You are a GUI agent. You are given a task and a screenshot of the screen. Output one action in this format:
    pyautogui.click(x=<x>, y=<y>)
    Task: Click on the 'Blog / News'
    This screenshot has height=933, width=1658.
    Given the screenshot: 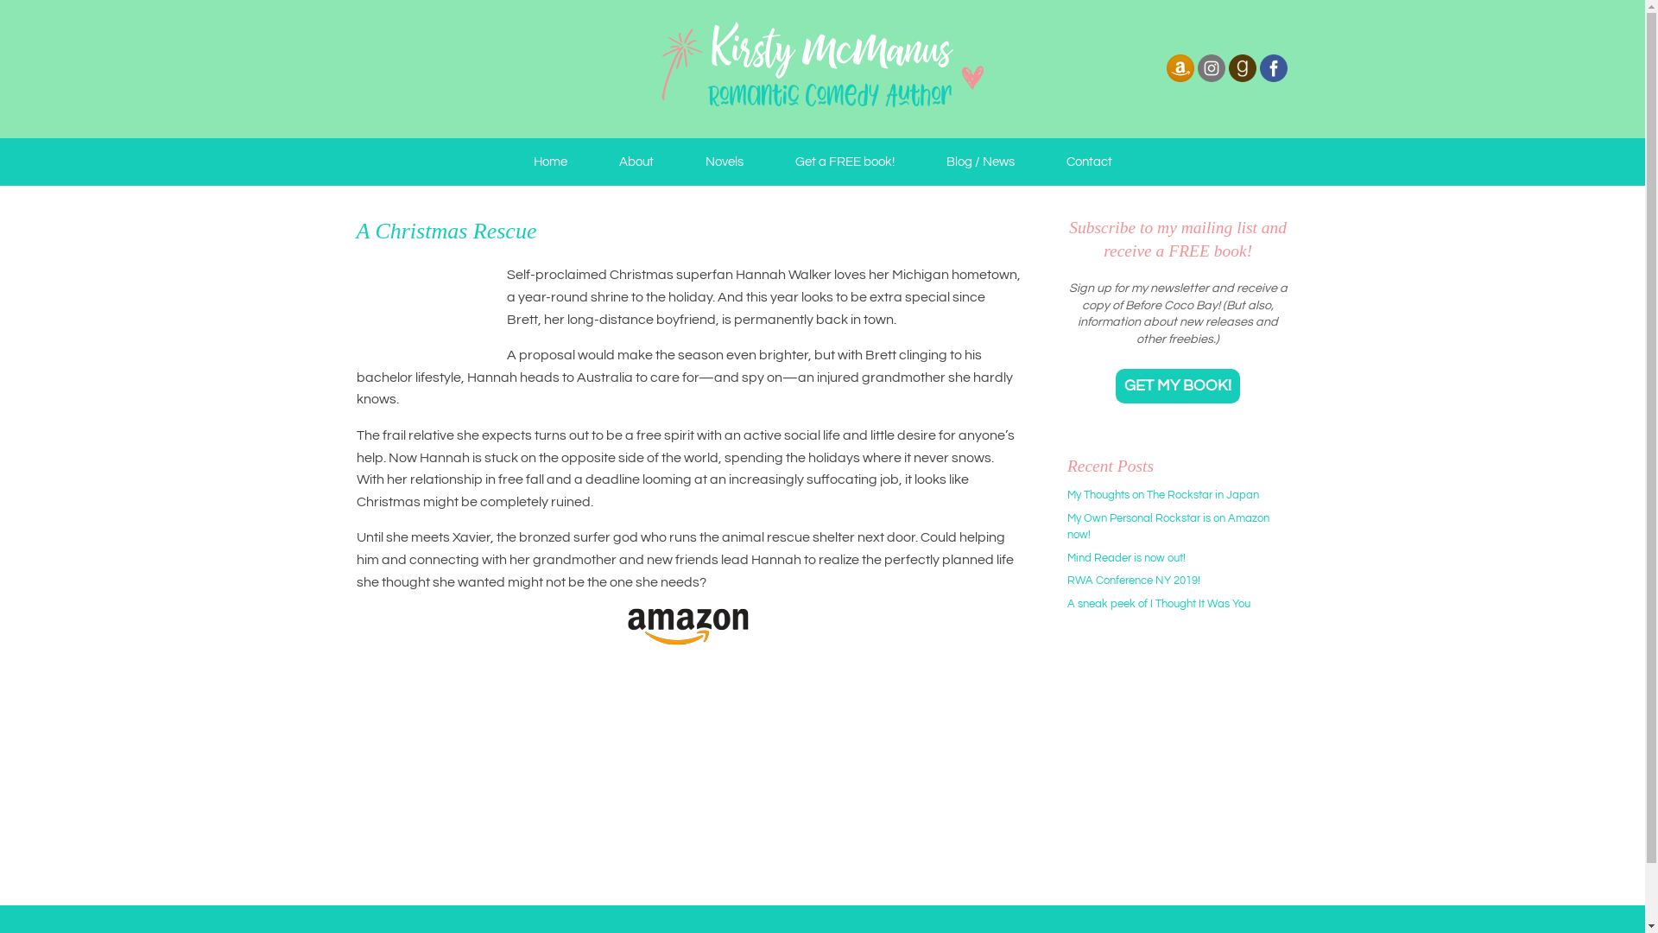 What is the action you would take?
    pyautogui.click(x=980, y=162)
    